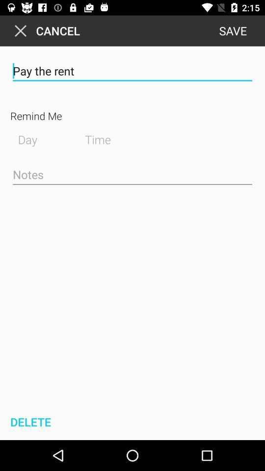 Image resolution: width=265 pixels, height=471 pixels. What do you see at coordinates (132, 175) in the screenshot?
I see `notes` at bounding box center [132, 175].